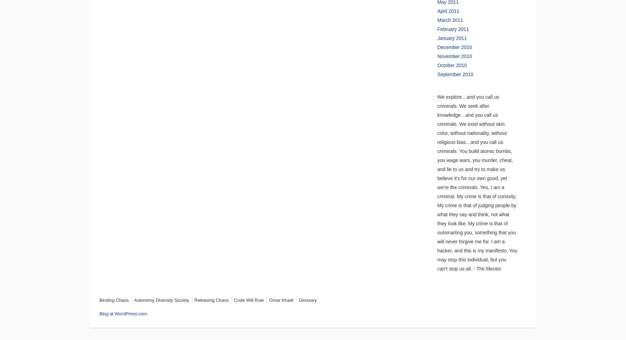  Describe the element at coordinates (123, 313) in the screenshot. I see `'Blog at WordPress.com.'` at that location.